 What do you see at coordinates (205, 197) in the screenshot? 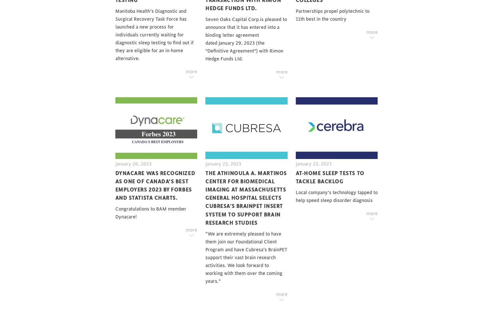
I see `'The Athinoula A. Martinos Center for Biomedical Imaging at Massachusetts General Hospital selects Cubresa’s BrainPET Insert System to support brain research studies'` at bounding box center [205, 197].